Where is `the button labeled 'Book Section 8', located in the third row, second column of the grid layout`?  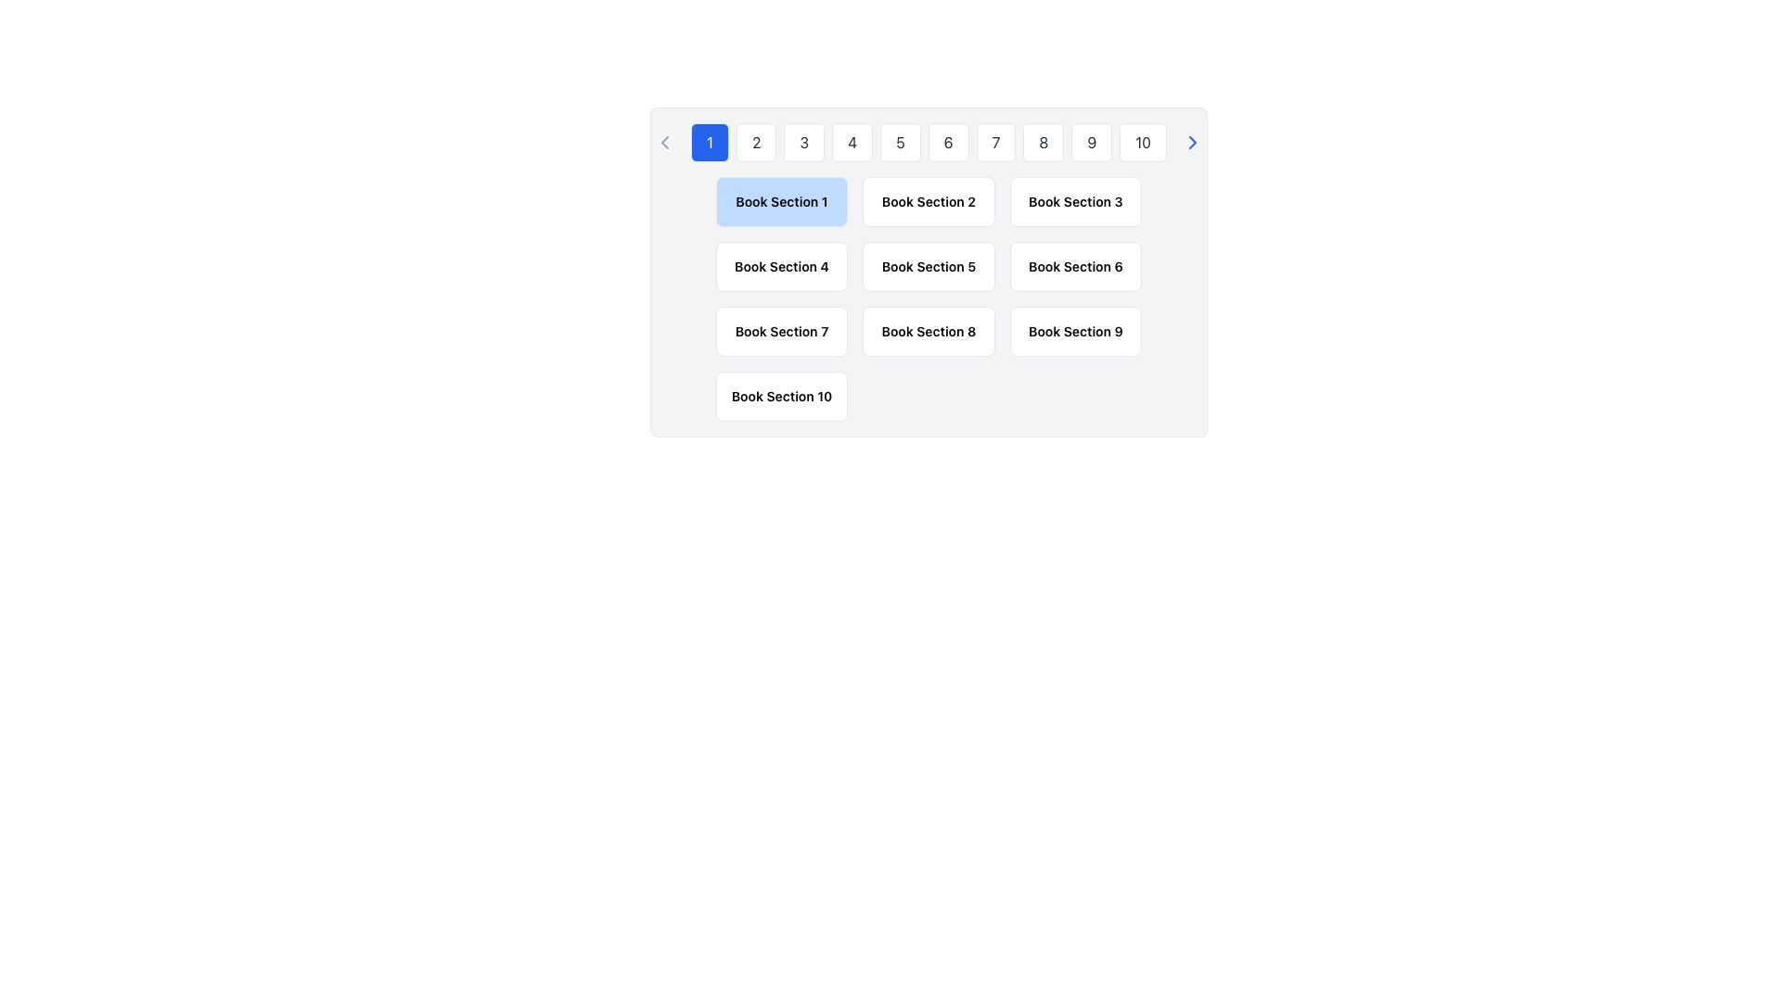 the button labeled 'Book Section 8', located in the third row, second column of the grid layout is located at coordinates (929, 331).